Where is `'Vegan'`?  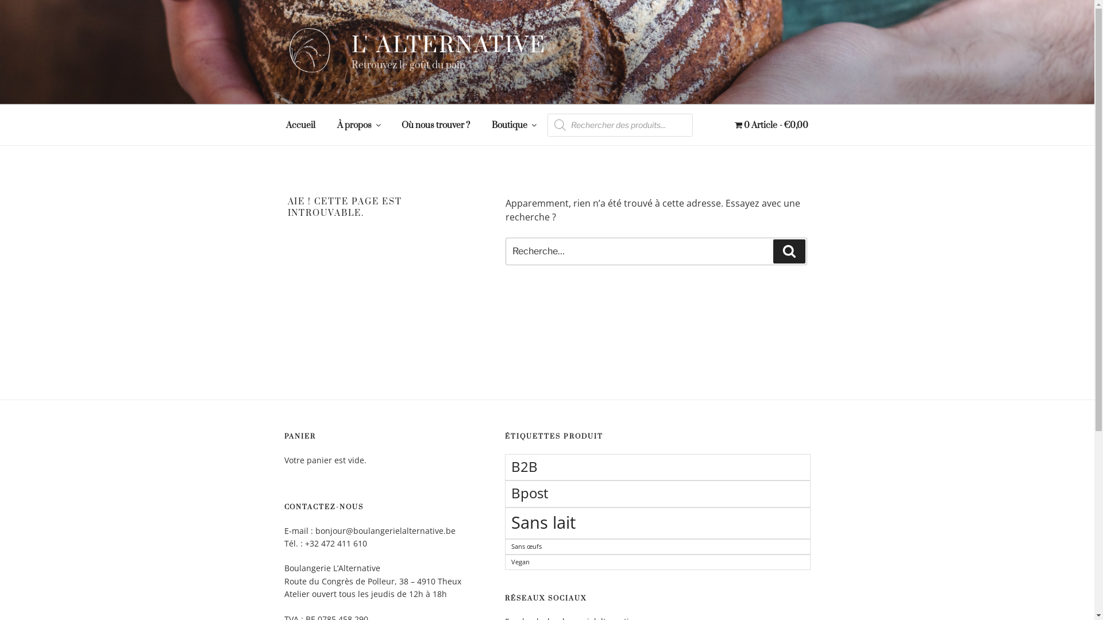
'Vegan' is located at coordinates (657, 561).